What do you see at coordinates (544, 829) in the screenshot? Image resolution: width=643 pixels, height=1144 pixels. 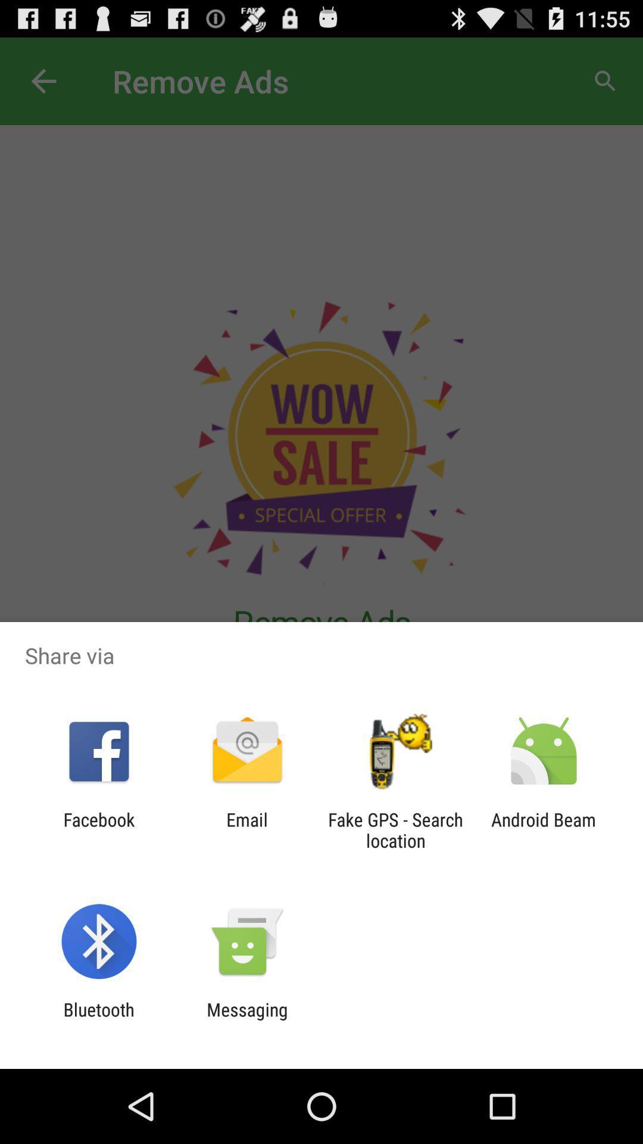 I see `the android beam` at bounding box center [544, 829].